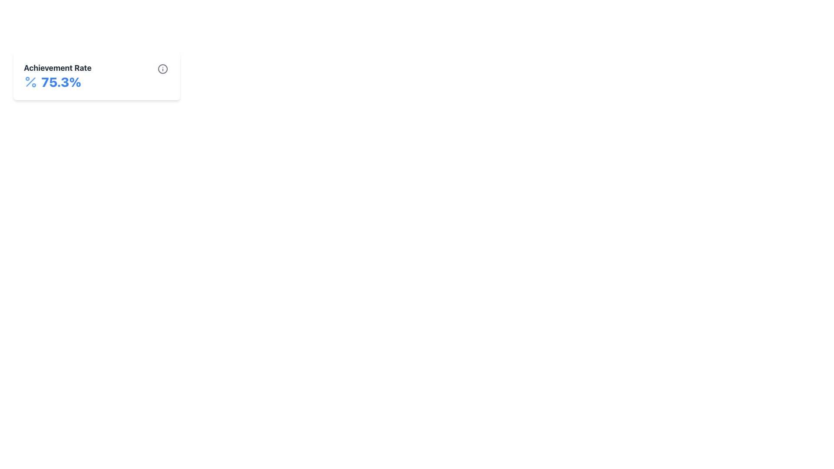 This screenshot has width=834, height=469. I want to click on the vector graphic component (circle) that is positioned at the center of a larger circular icon, aligned to the right of the text in an informational card, so click(162, 68).